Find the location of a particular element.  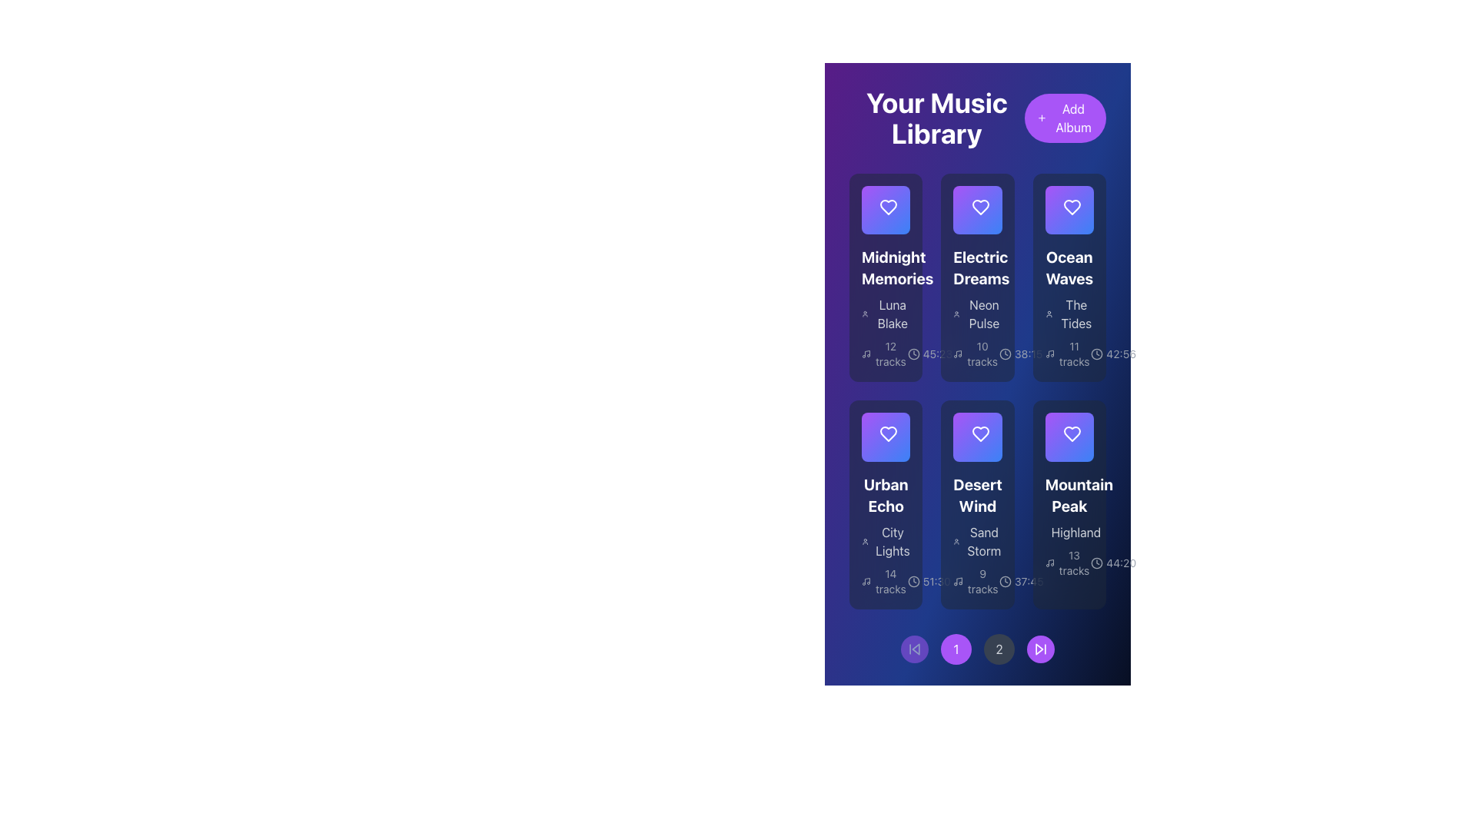

the text label element displaying '12 tracks', which is styled in a small, gray font and located below 'Luna Blake' is located at coordinates (886, 354).